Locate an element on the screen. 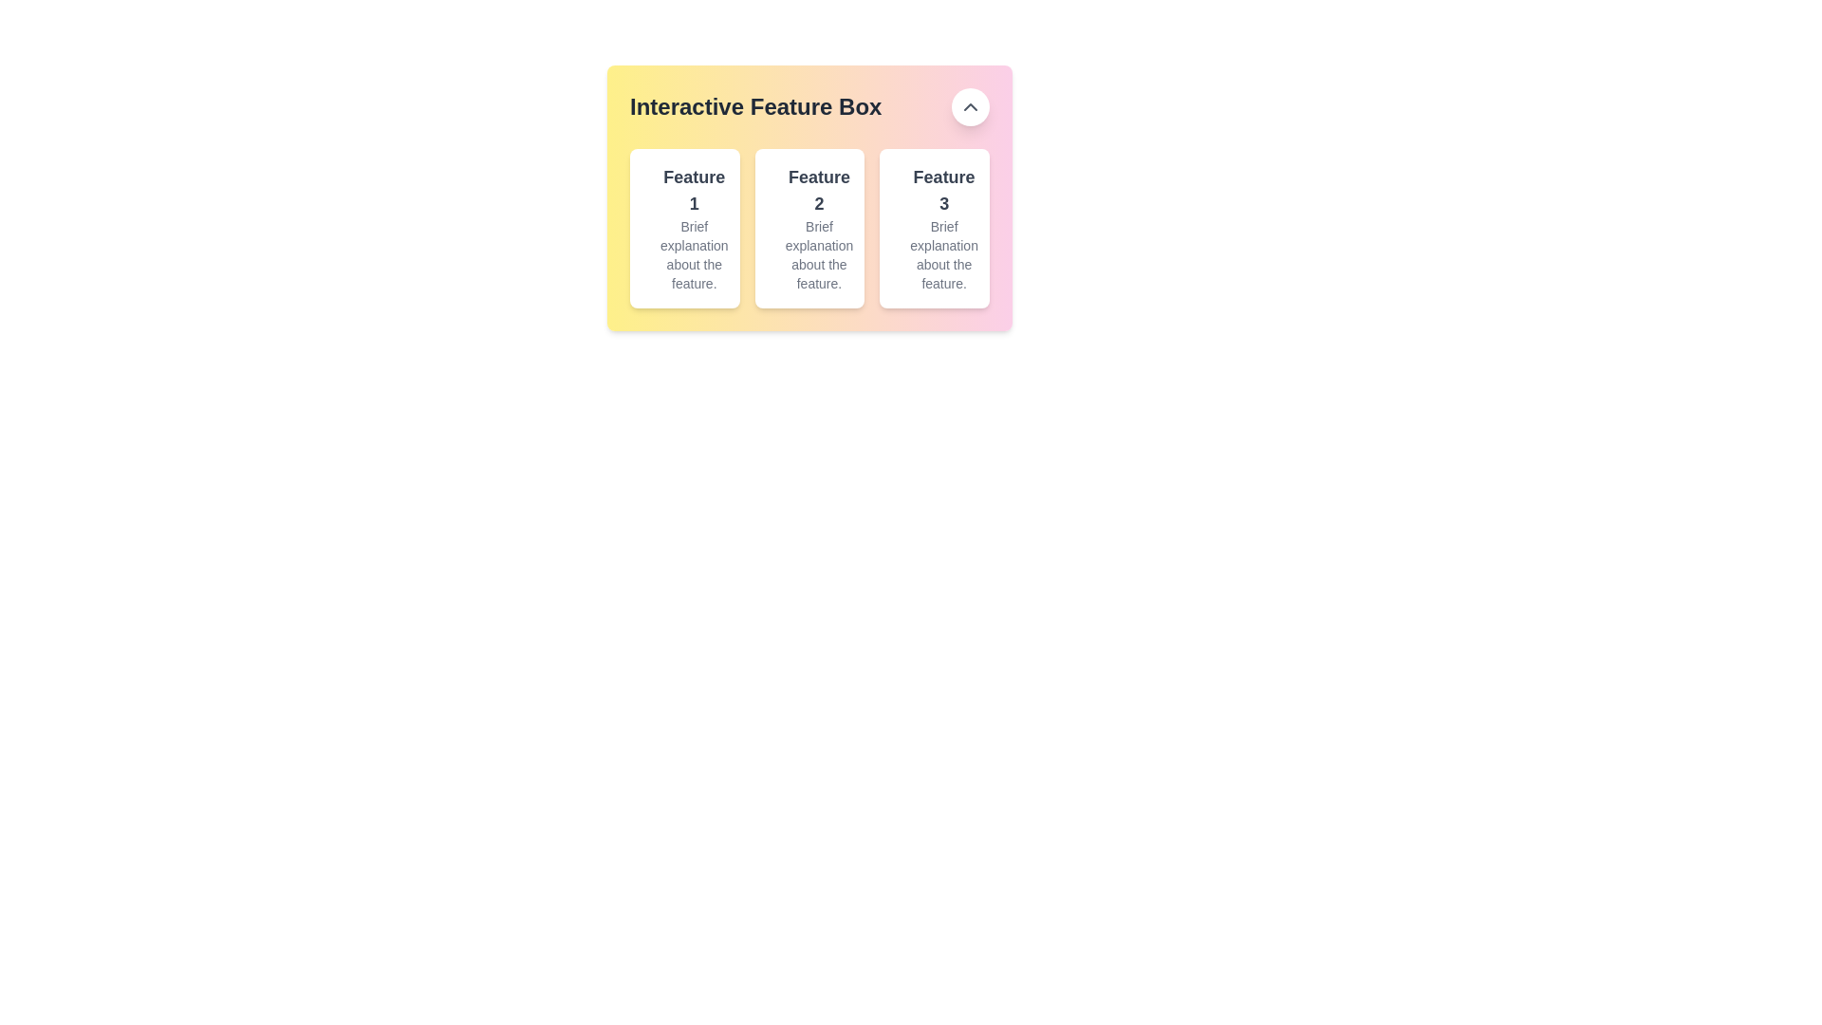 This screenshot has width=1822, height=1025. the button located in the top-right corner of the 'Interactive Feature Box' to observe its hover effect is located at coordinates (970, 106).